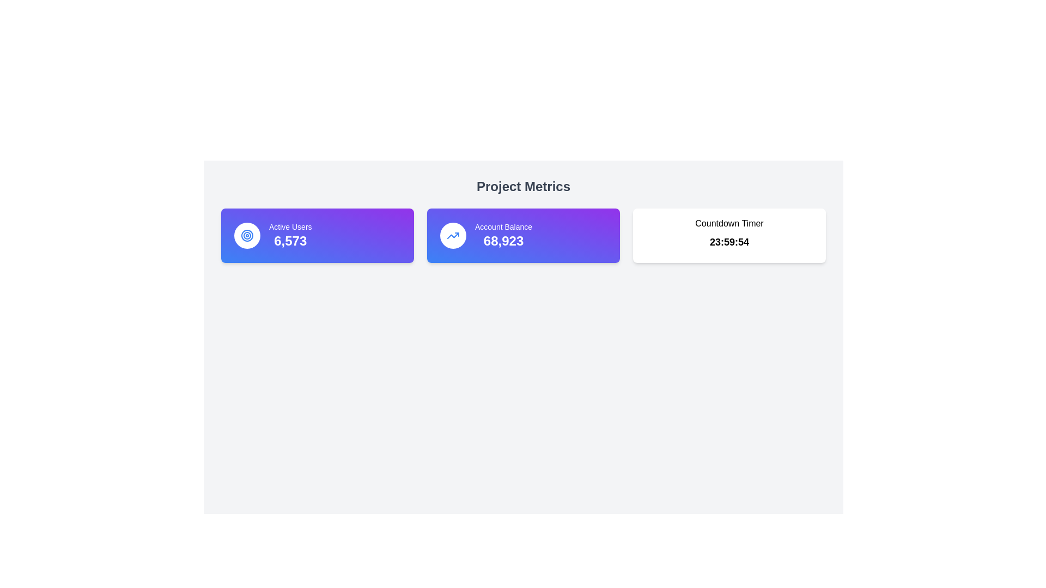 The width and height of the screenshot is (1046, 588). What do you see at coordinates (729, 241) in the screenshot?
I see `the Text Display element that shows the remaining time in the countdown, located below the 'Countdown Timer' text` at bounding box center [729, 241].